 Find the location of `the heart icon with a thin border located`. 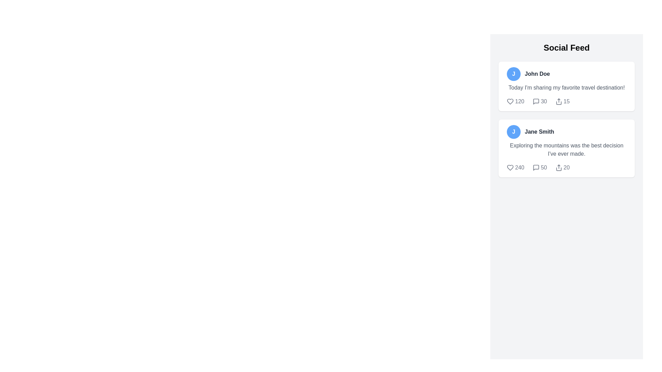

the heart icon with a thin border located is located at coordinates (510, 167).